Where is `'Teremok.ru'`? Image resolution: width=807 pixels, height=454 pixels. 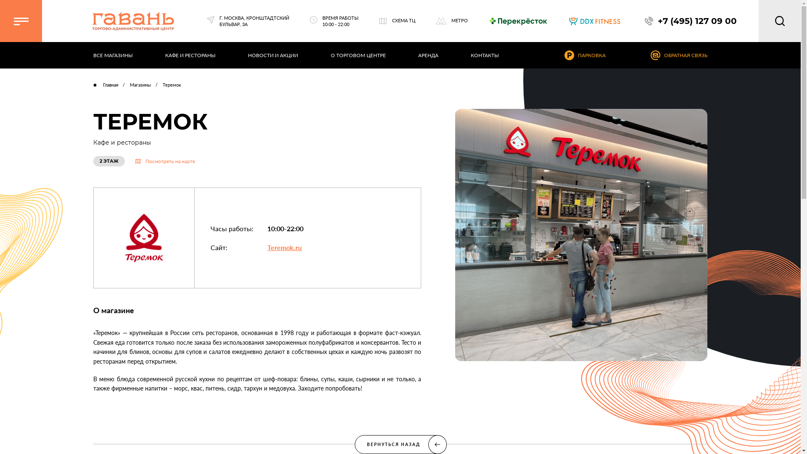
'Teremok.ru' is located at coordinates (284, 247).